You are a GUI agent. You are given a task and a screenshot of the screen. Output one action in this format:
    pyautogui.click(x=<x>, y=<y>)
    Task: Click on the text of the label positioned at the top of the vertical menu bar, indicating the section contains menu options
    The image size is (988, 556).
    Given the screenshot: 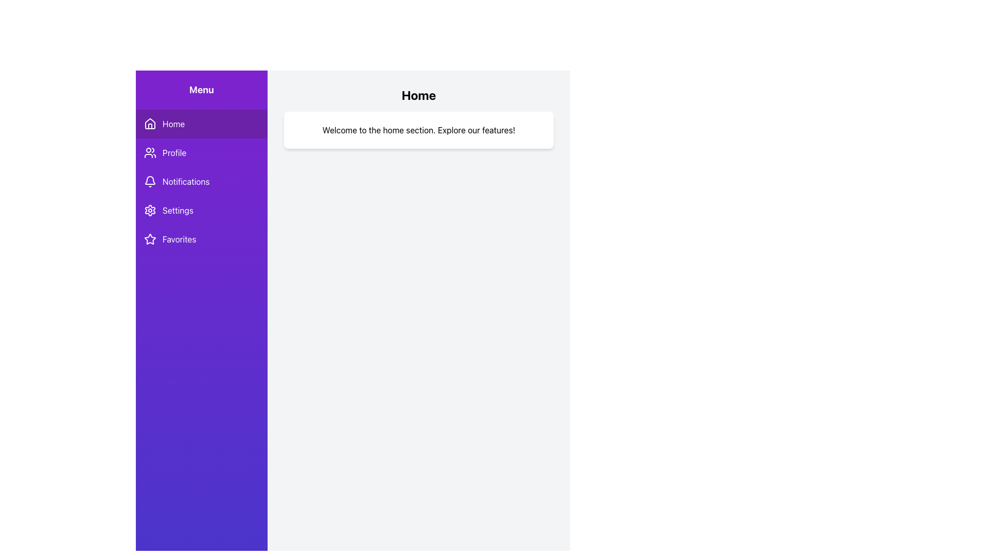 What is the action you would take?
    pyautogui.click(x=202, y=89)
    